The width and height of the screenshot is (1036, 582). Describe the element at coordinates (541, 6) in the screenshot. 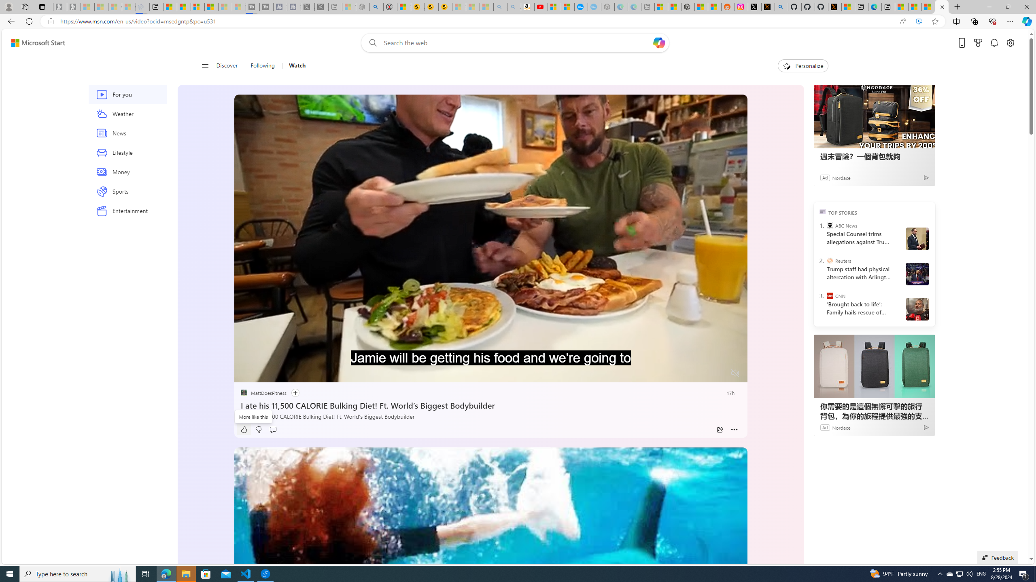

I see `'Day 1: Arriving in Yemen (surreal to be here) - YouTube'` at that location.